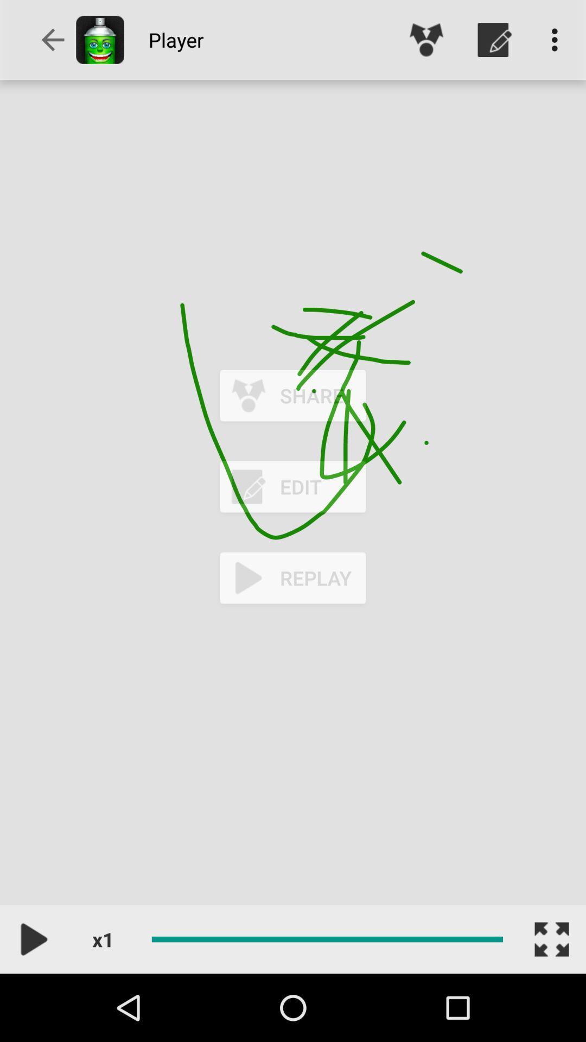 The width and height of the screenshot is (586, 1042). I want to click on the play icon, so click(33, 939).